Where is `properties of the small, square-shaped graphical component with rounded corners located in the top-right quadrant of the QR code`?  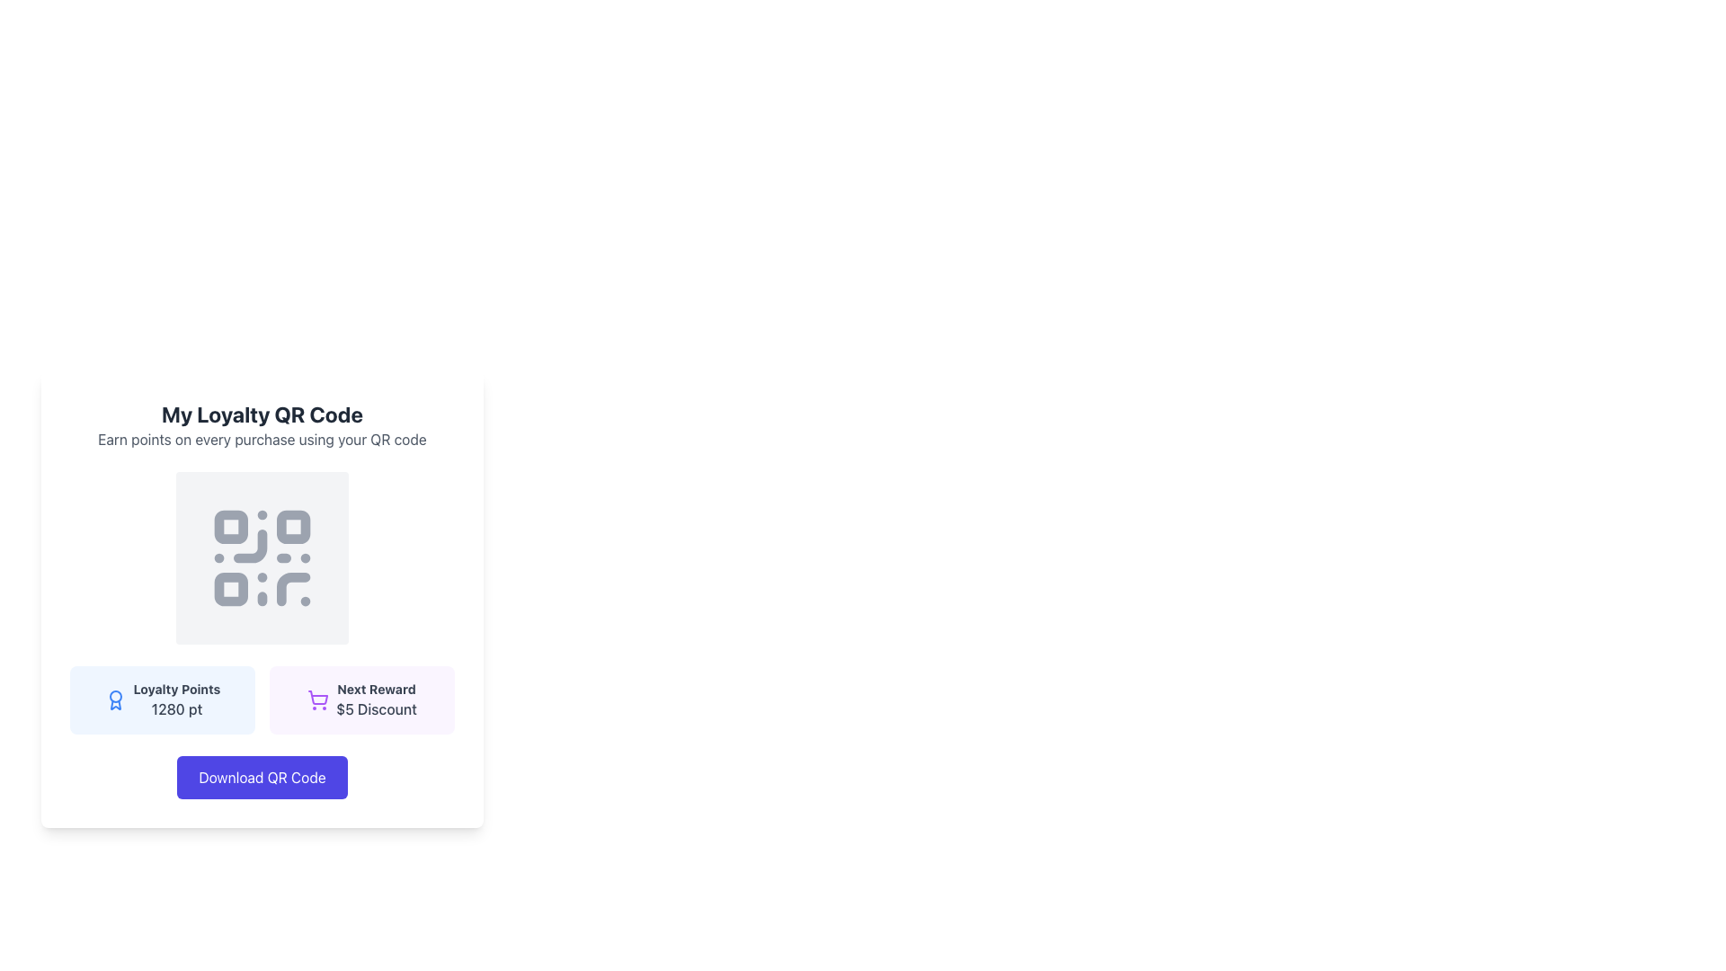 properties of the small, square-shaped graphical component with rounded corners located in the top-right quadrant of the QR code is located at coordinates (293, 526).